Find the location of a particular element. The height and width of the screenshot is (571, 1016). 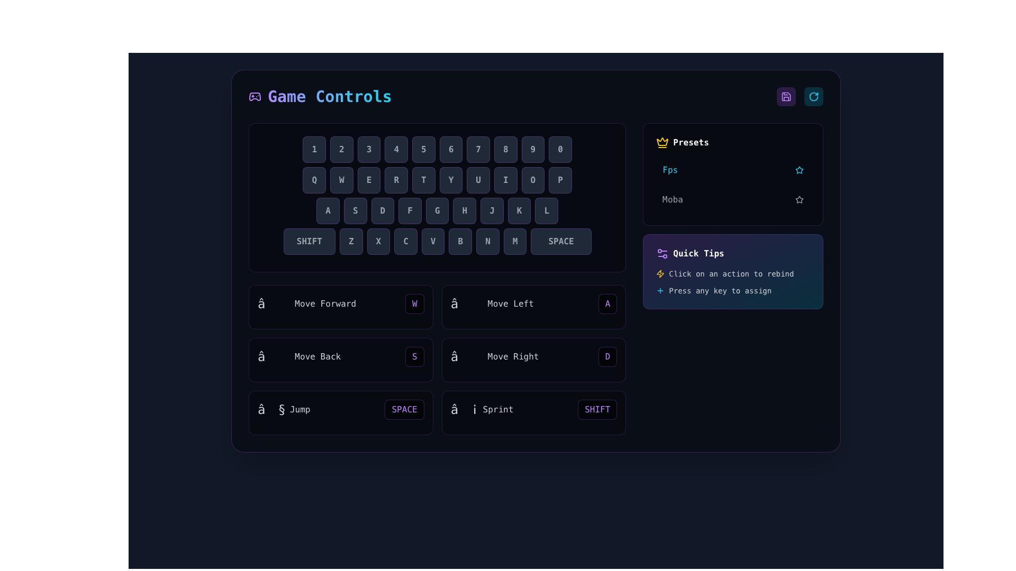

the key-binding button for the 'Move Left' action located is located at coordinates (607, 303).